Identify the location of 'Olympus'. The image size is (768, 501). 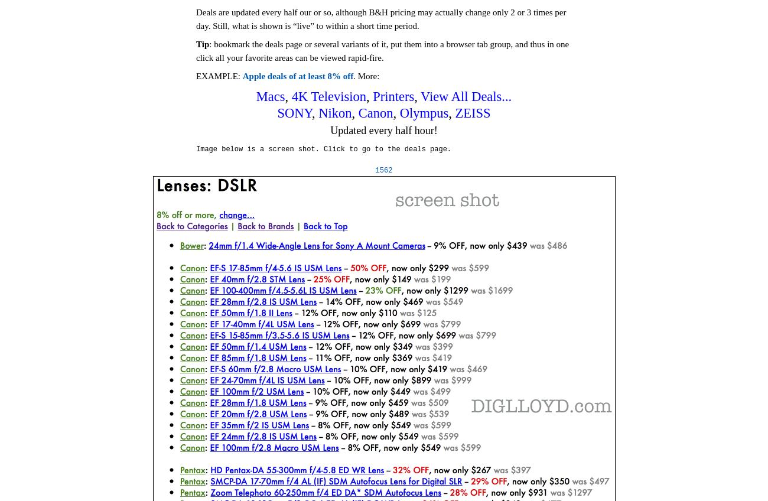
(424, 113).